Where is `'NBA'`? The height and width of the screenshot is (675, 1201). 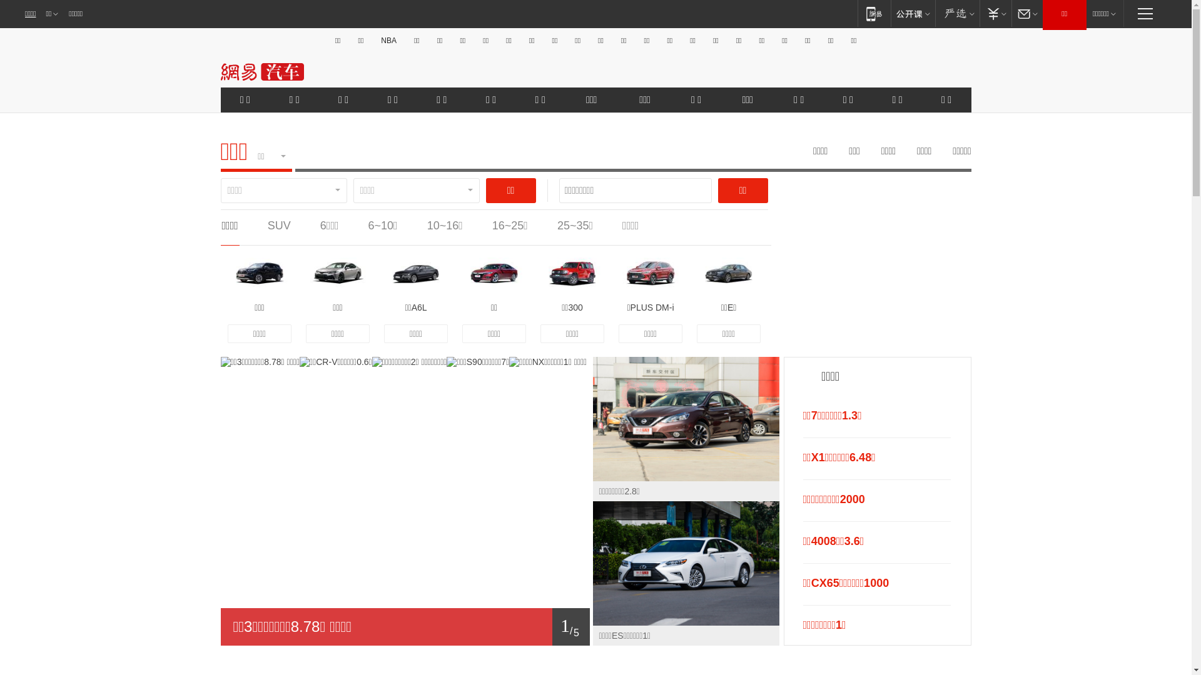
'NBA' is located at coordinates (388, 40).